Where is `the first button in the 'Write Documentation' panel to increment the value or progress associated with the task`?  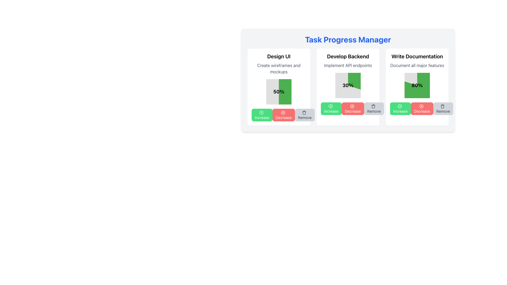 the first button in the 'Write Documentation' panel to increment the value or progress associated with the task is located at coordinates (400, 108).